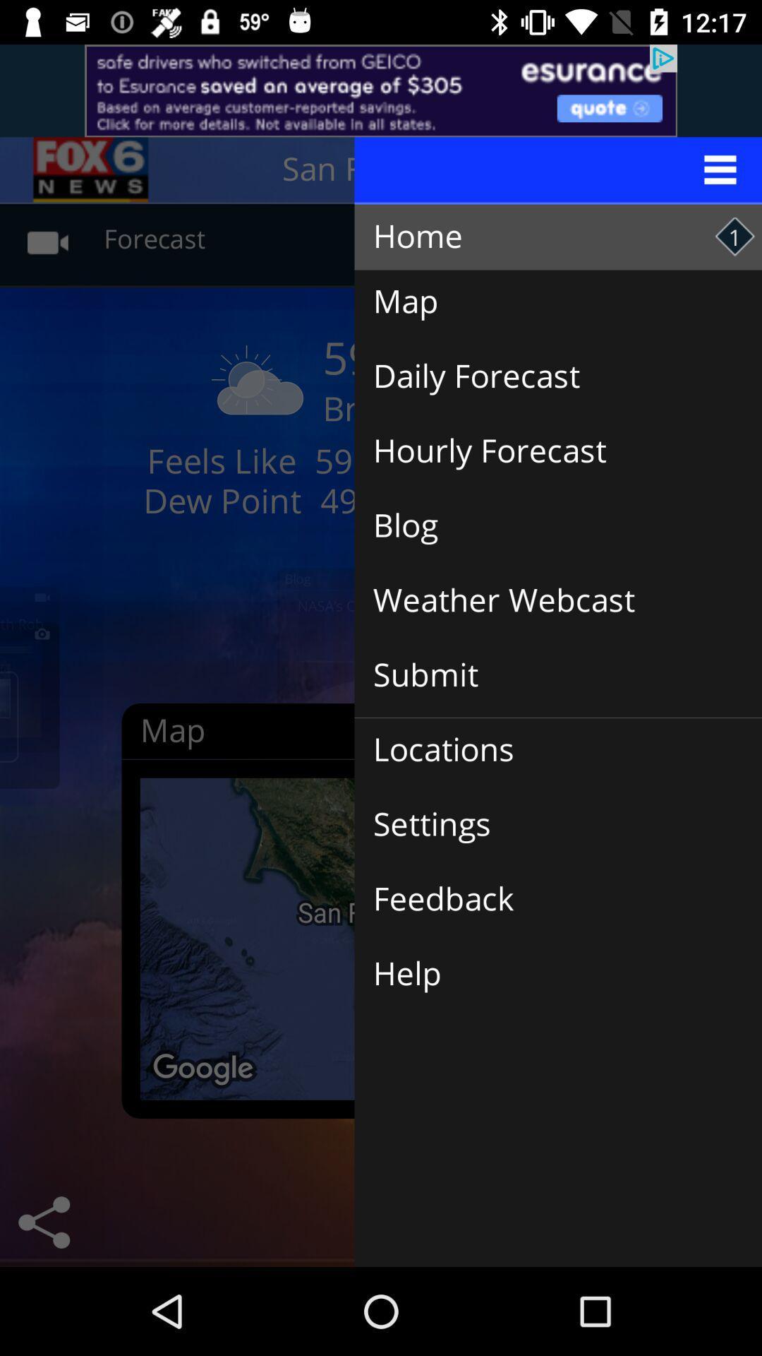 The height and width of the screenshot is (1356, 762). What do you see at coordinates (43, 1222) in the screenshot?
I see `the share icon` at bounding box center [43, 1222].